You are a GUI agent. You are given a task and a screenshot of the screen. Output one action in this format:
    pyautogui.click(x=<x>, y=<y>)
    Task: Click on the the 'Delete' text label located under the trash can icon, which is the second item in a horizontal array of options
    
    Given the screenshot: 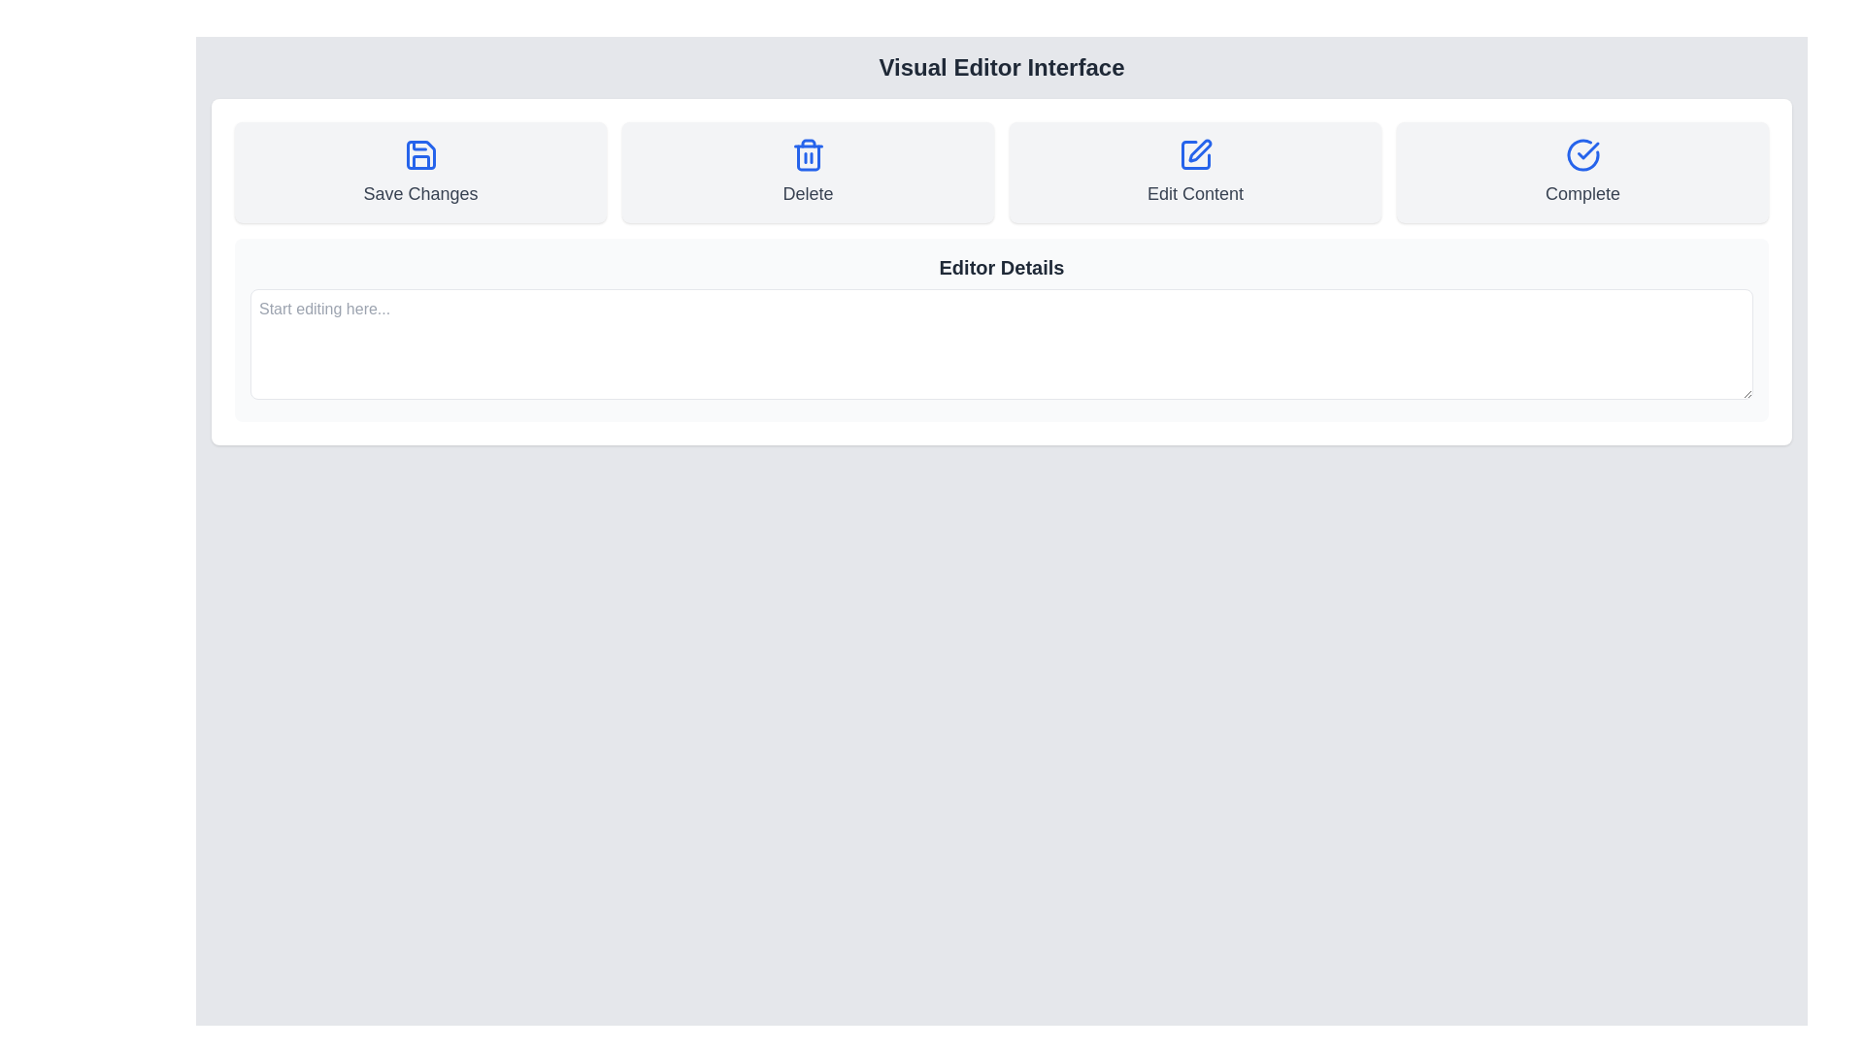 What is the action you would take?
    pyautogui.click(x=808, y=194)
    